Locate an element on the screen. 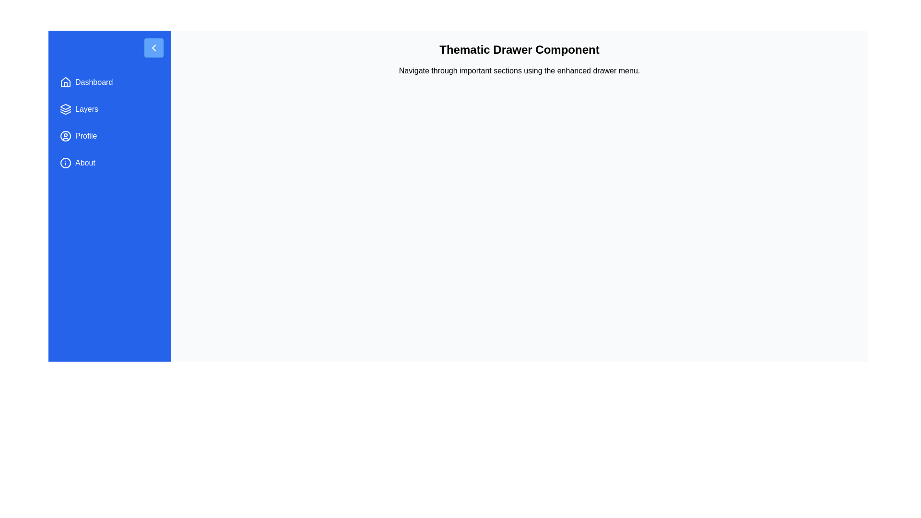 The image size is (921, 518). the menu item labeled Profile is located at coordinates (110, 136).